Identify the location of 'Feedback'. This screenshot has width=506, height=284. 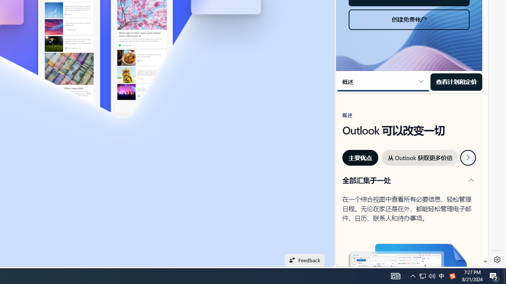
(304, 260).